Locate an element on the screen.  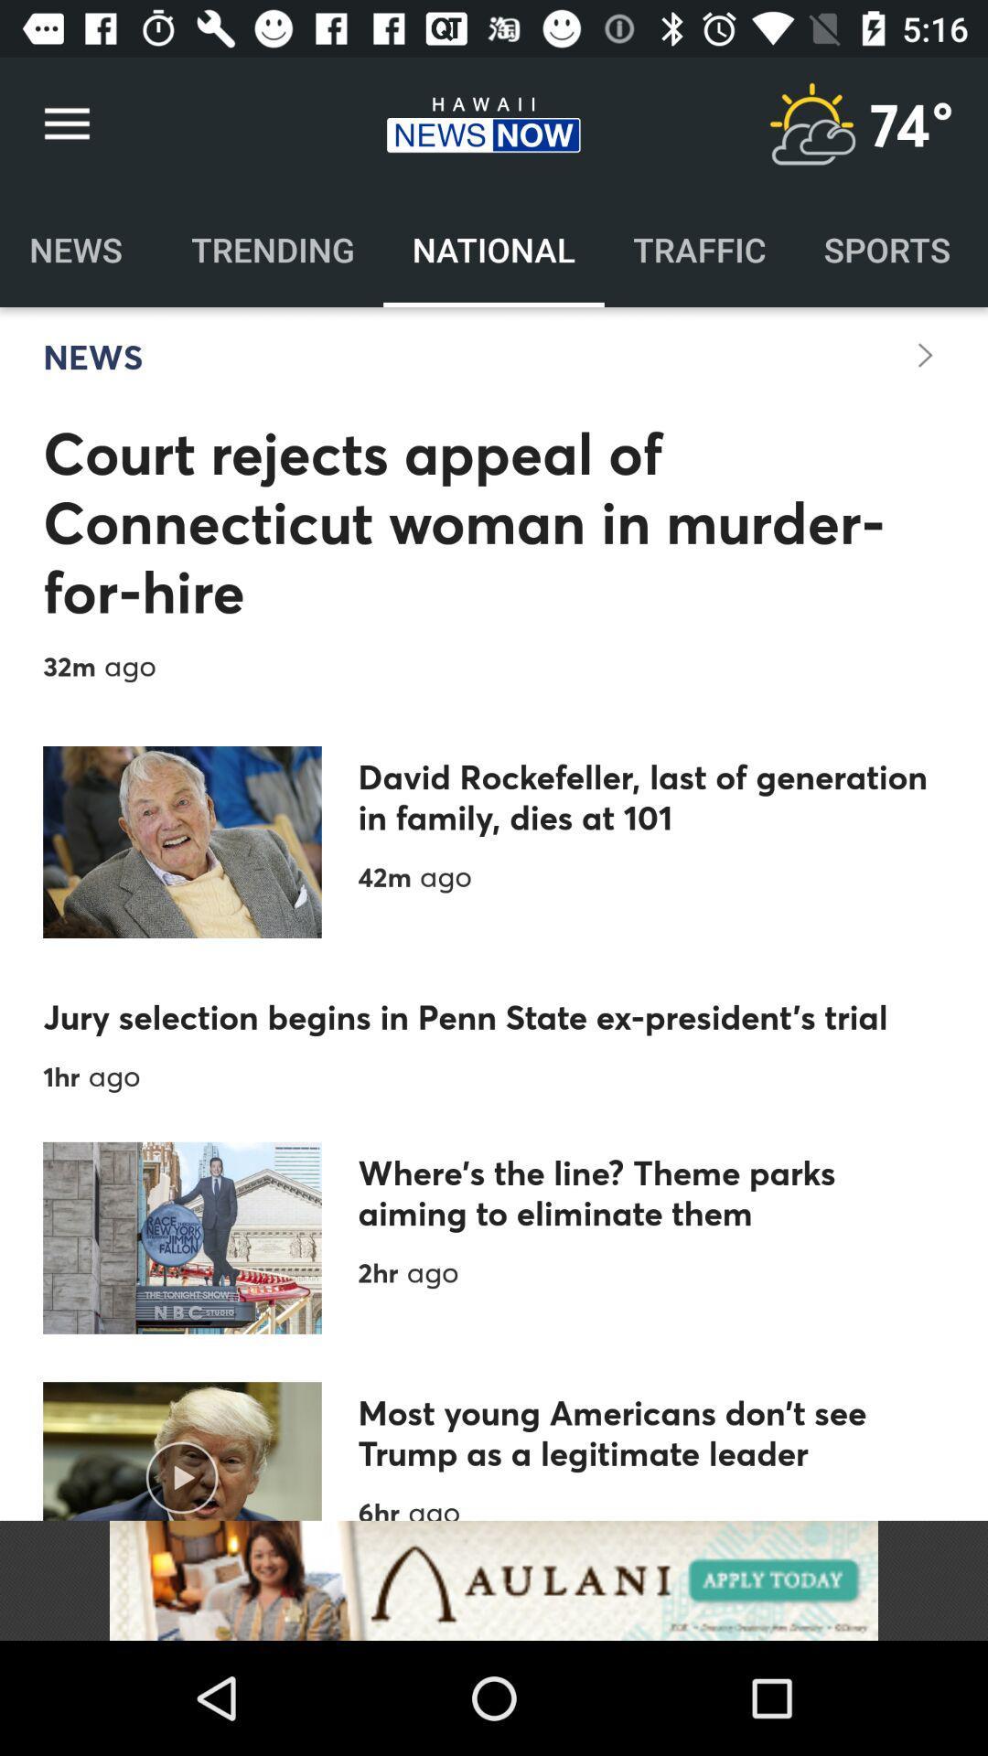
like the add is located at coordinates (494, 1579).